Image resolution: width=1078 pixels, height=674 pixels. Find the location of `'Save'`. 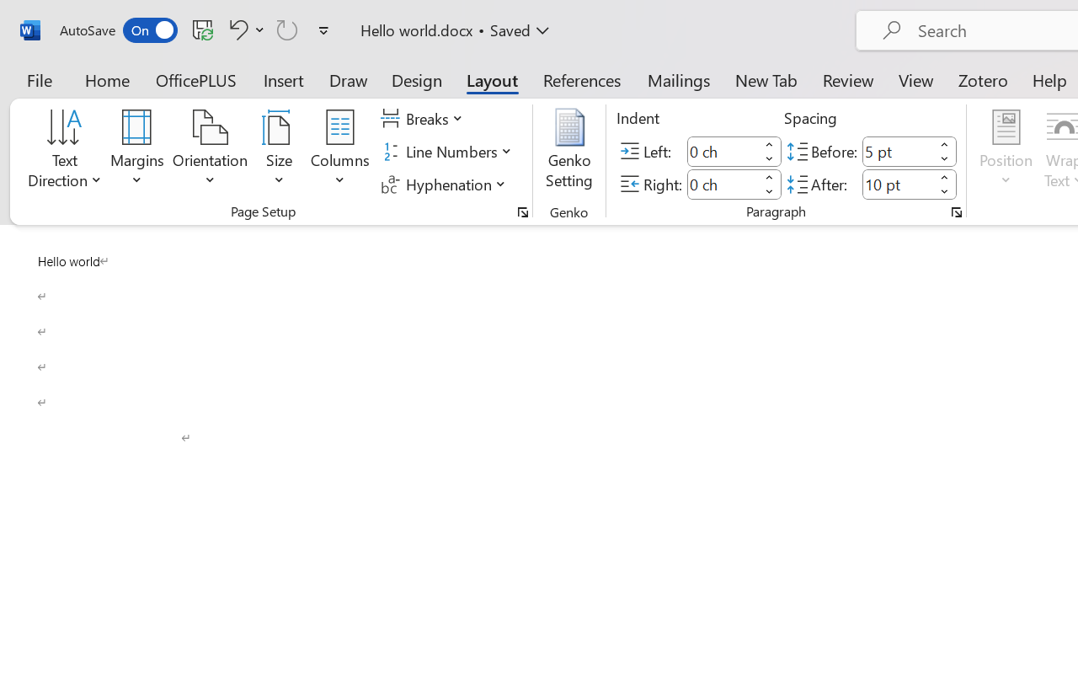

'Save' is located at coordinates (202, 29).